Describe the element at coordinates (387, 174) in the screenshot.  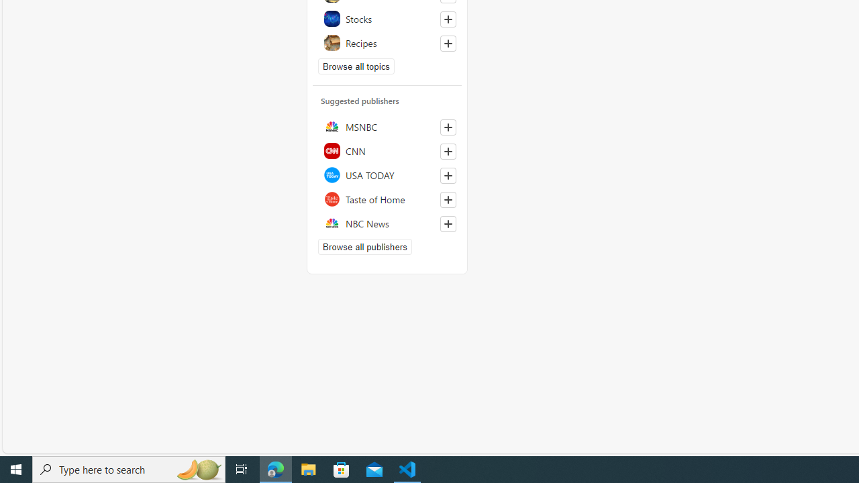
I see `'USA TODAY'` at that location.